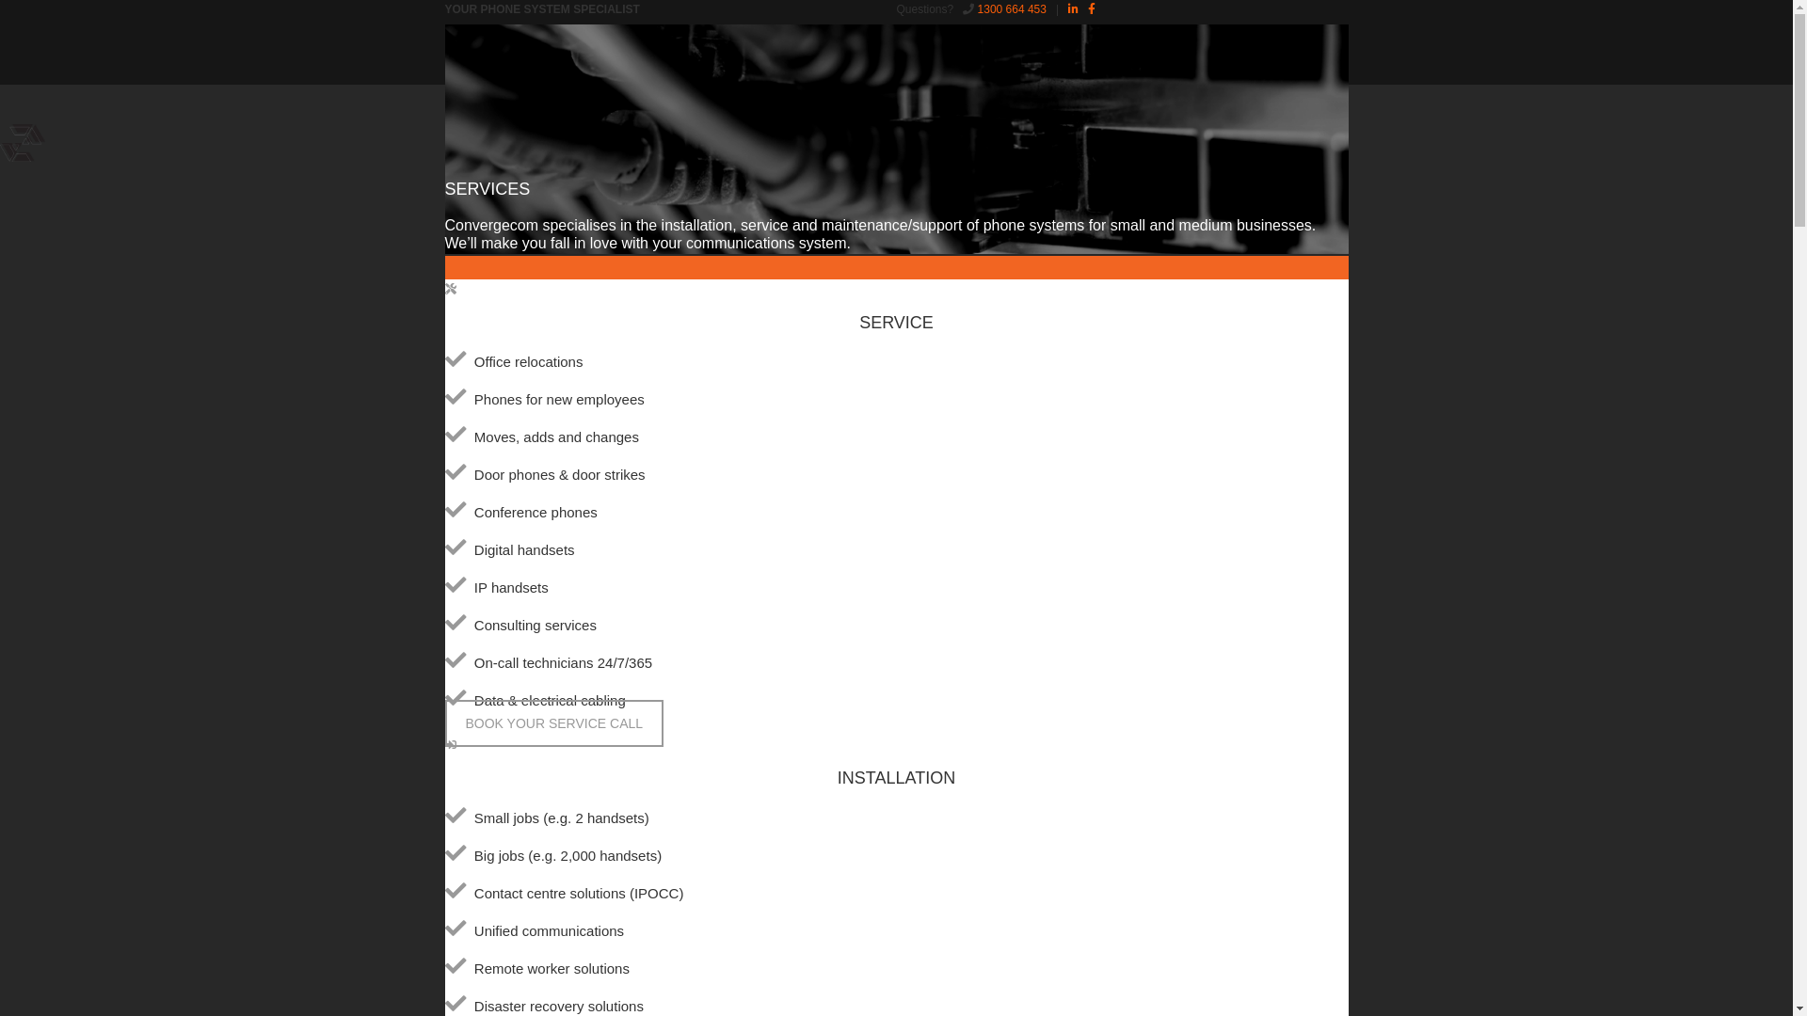  What do you see at coordinates (489, 50) in the screenshot?
I see `'CONVERGECOM'` at bounding box center [489, 50].